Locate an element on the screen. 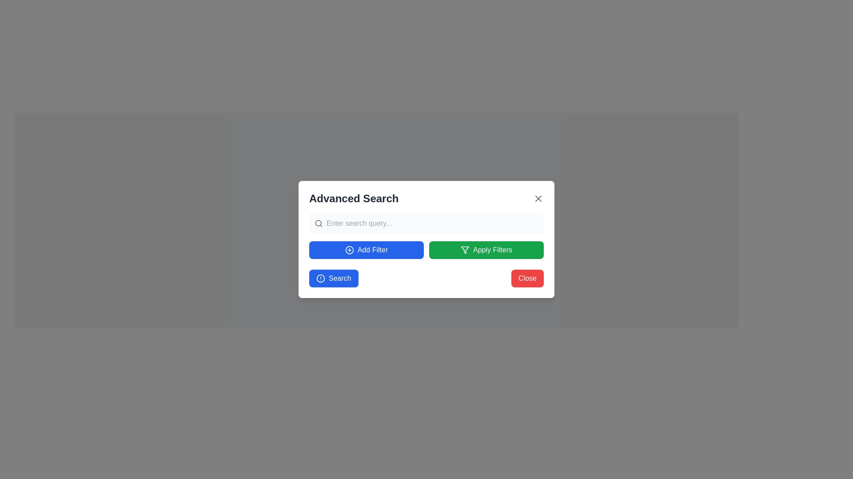  the red 'Close' button with white bold text located at the bottom-right corner of the dialog is located at coordinates (527, 278).